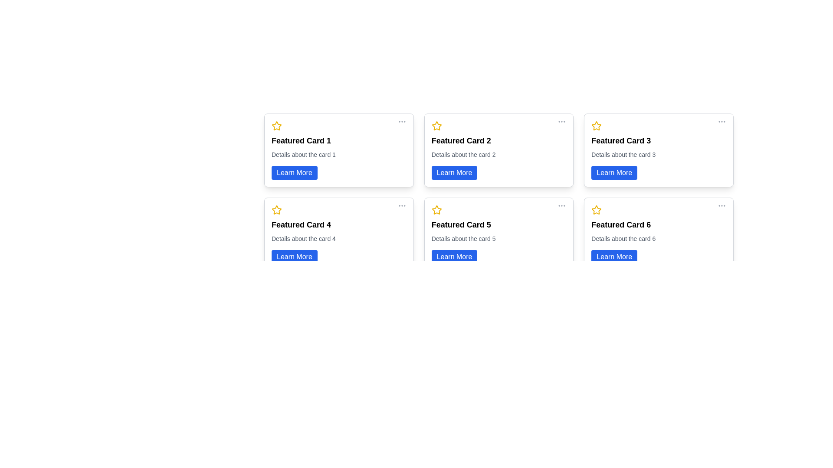  Describe the element at coordinates (401, 205) in the screenshot. I see `the horizontal ellipsis icon consisting of three small circular dots located at the top-right corner of the 'Featured Card 4' to change its color` at that location.